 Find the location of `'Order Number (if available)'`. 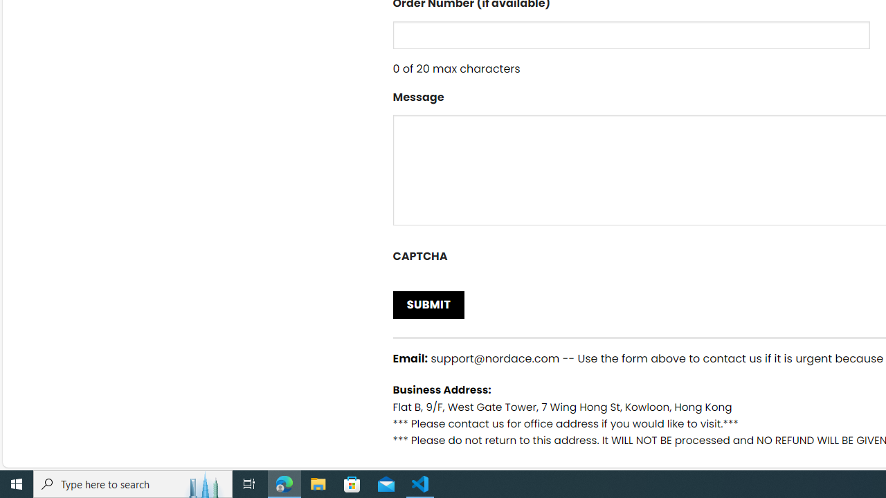

'Order Number (if available)' is located at coordinates (631, 34).